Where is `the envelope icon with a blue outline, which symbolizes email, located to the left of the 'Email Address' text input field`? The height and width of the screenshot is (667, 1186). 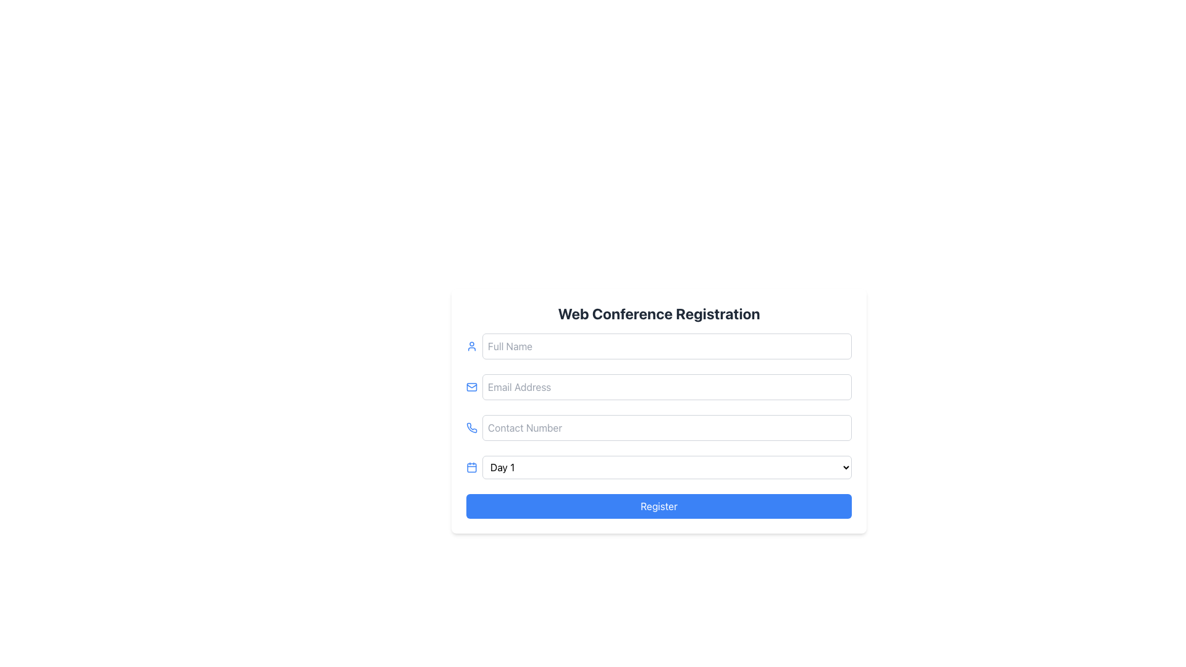 the envelope icon with a blue outline, which symbolizes email, located to the left of the 'Email Address' text input field is located at coordinates (471, 387).